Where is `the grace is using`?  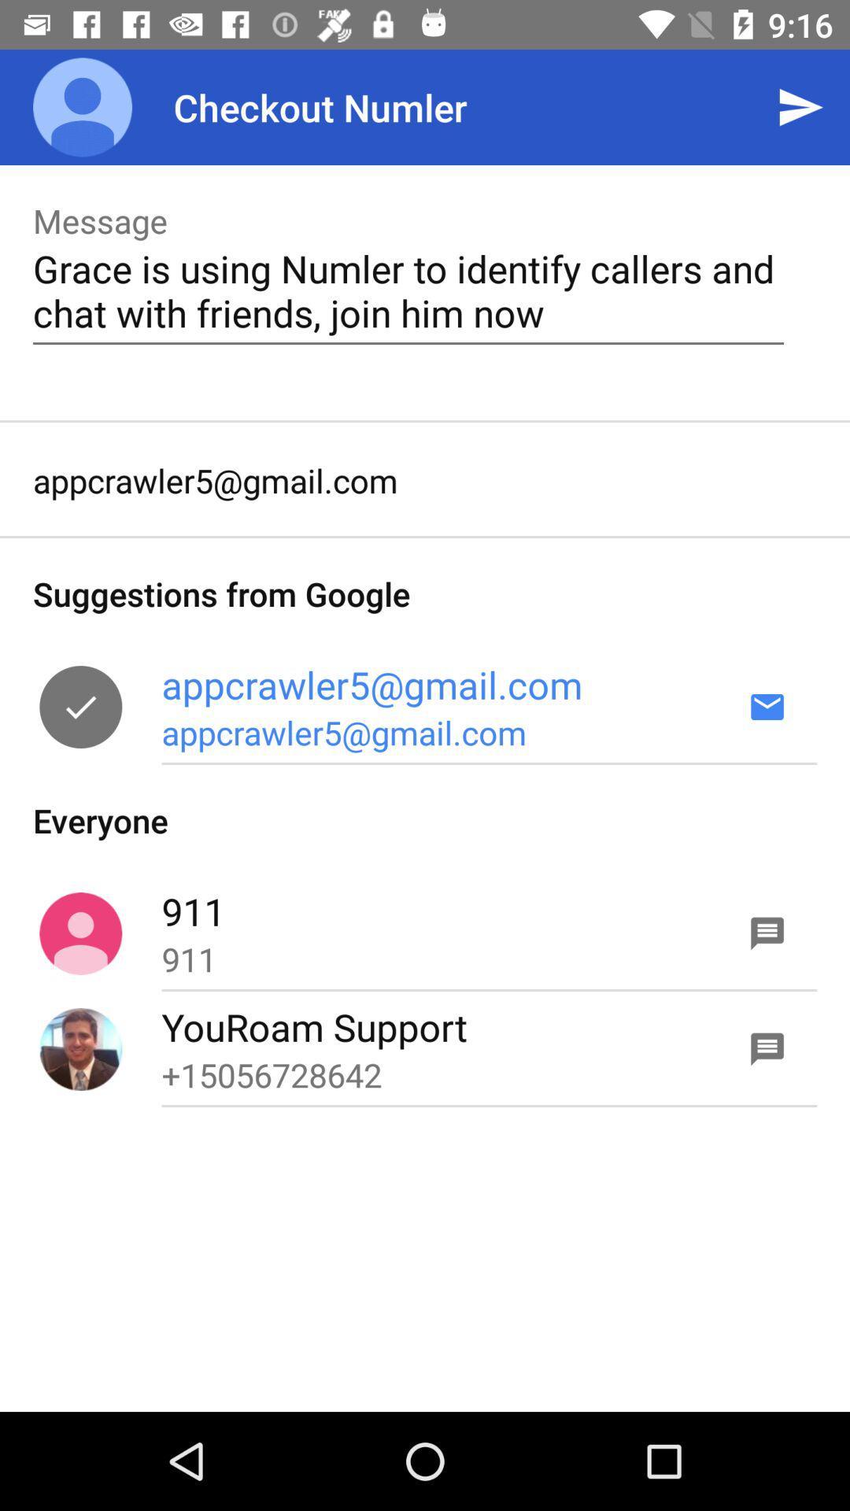
the grace is using is located at coordinates (408, 290).